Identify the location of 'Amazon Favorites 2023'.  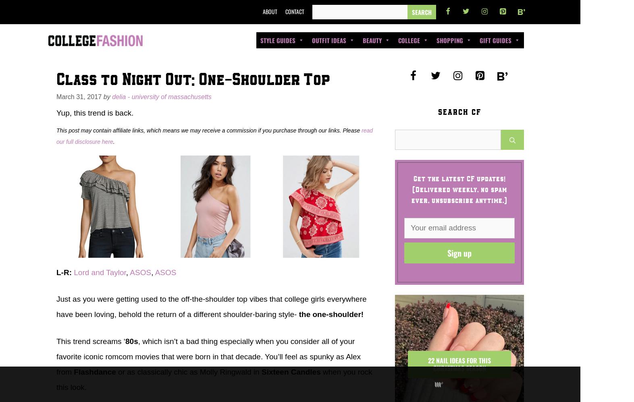
(469, 111).